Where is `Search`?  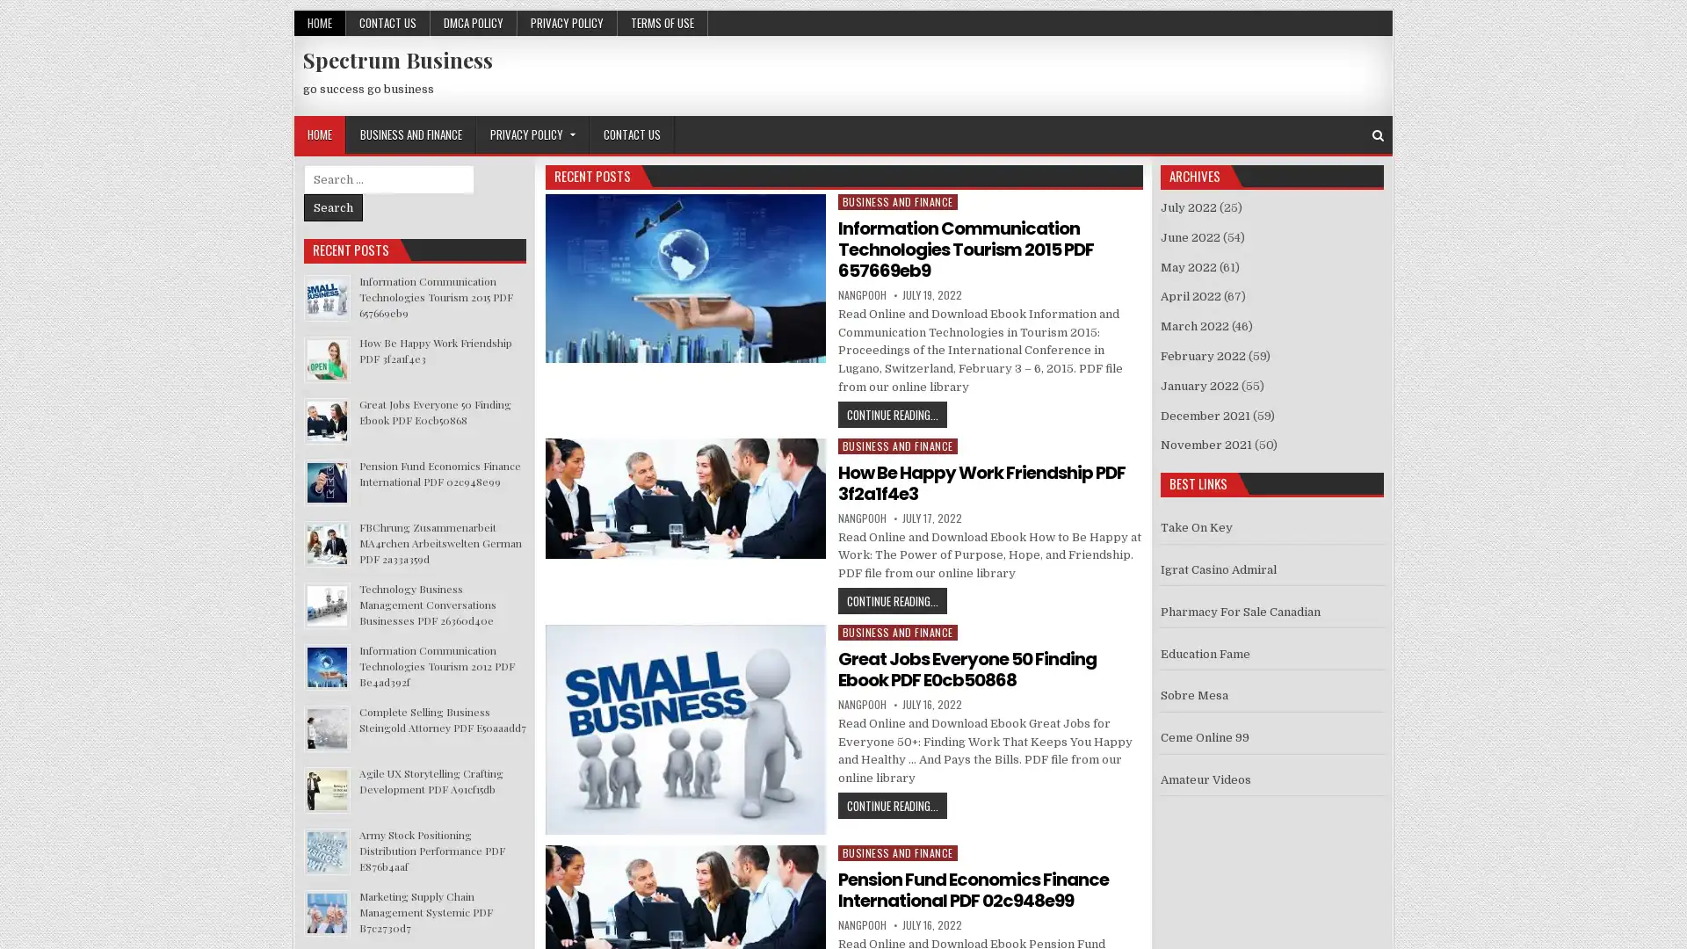 Search is located at coordinates (332, 206).